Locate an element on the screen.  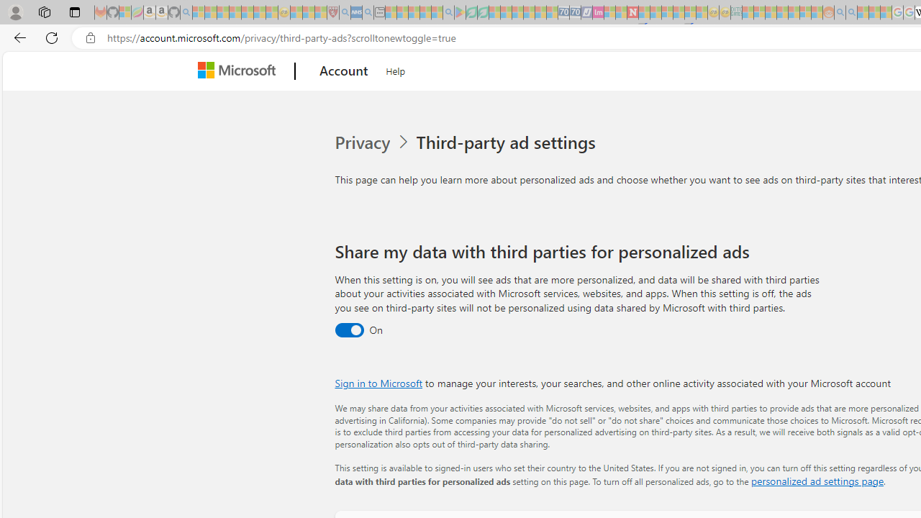
'Third-party ad settings' is located at coordinates (509, 142).